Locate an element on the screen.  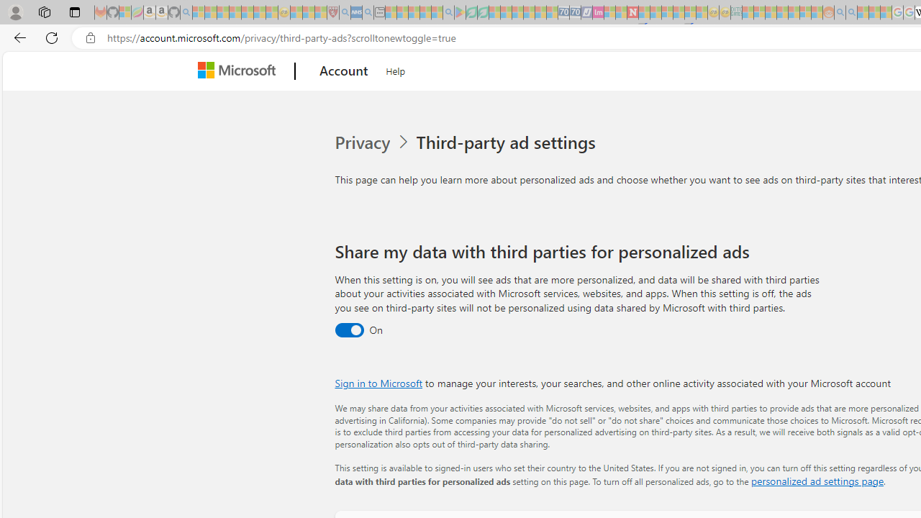
'Third-party ad settings' is located at coordinates (509, 142).